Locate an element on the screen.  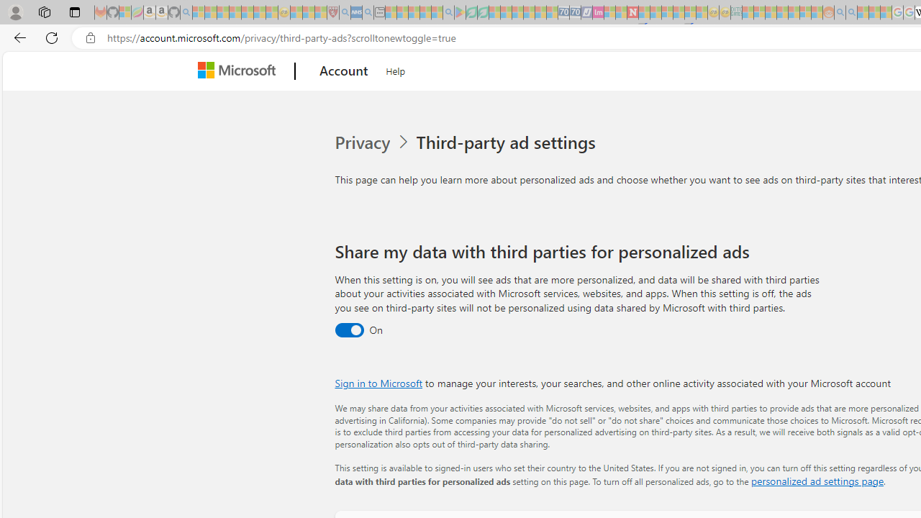
'Third-party ad settings' is located at coordinates (509, 142).